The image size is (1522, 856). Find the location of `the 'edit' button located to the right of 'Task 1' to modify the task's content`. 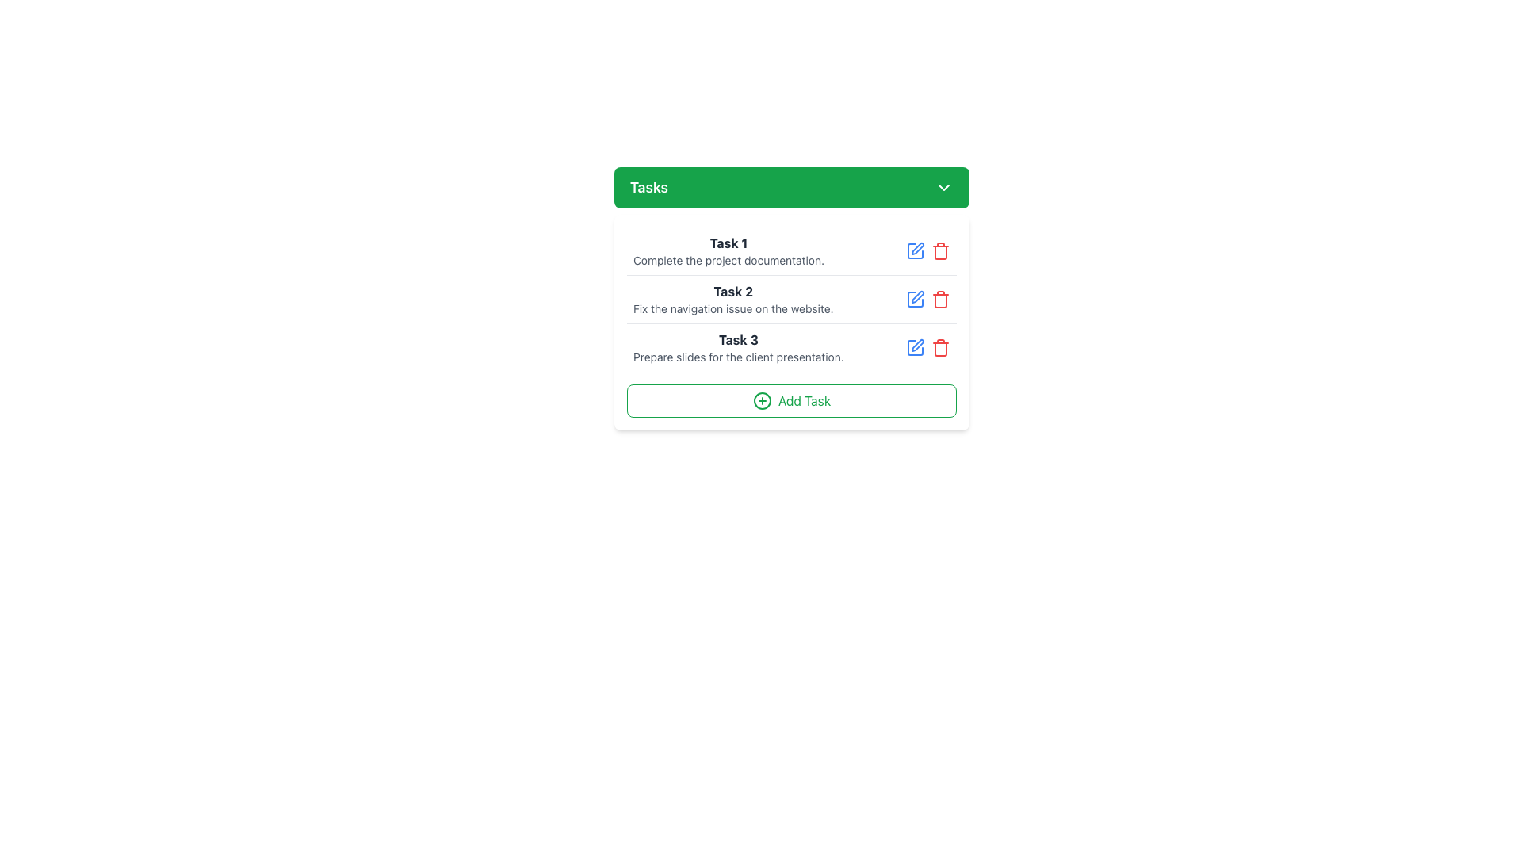

the 'edit' button located to the right of 'Task 1' to modify the task's content is located at coordinates (916, 250).